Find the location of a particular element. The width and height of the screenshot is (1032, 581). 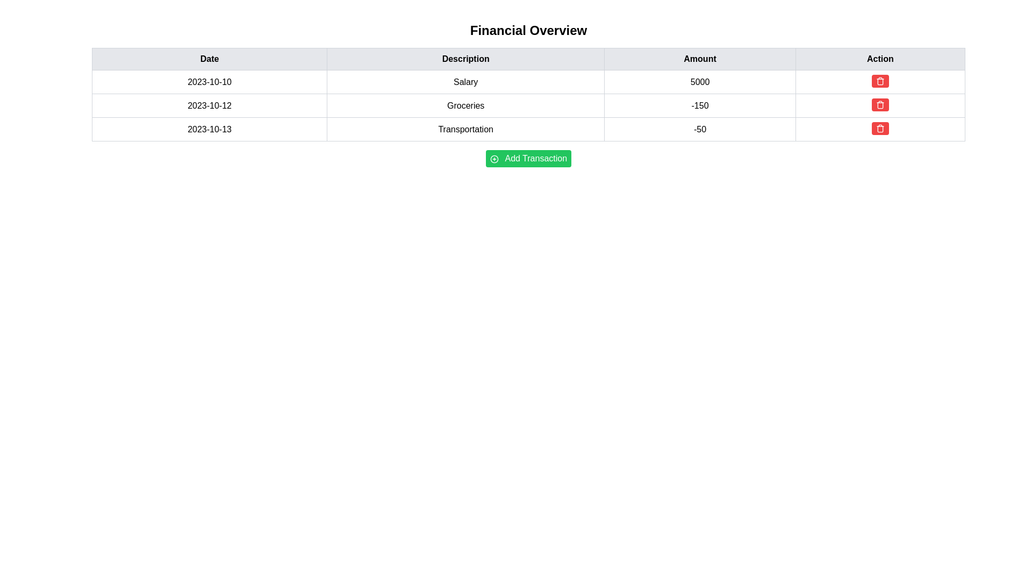

the delete icon in the 'Action' column of the third row of the table labeled '2023-10-13' is located at coordinates (880, 128).